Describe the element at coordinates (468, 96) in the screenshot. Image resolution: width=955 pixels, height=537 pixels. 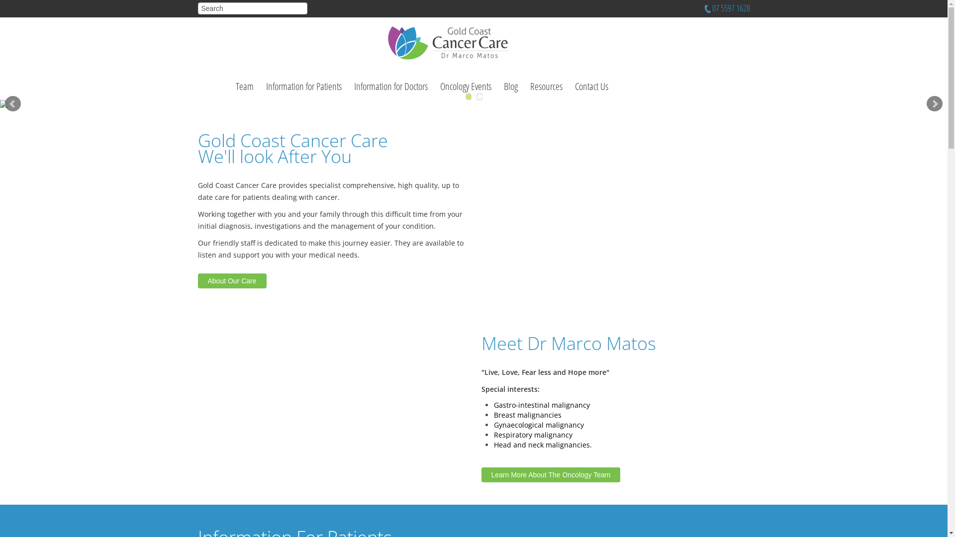
I see `'1'` at that location.